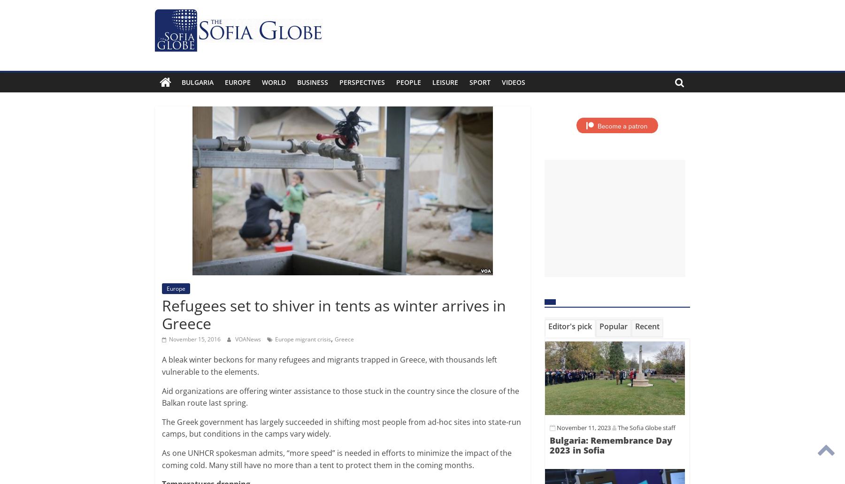 This screenshot has height=484, width=845. I want to click on 'Recent', so click(646, 325).